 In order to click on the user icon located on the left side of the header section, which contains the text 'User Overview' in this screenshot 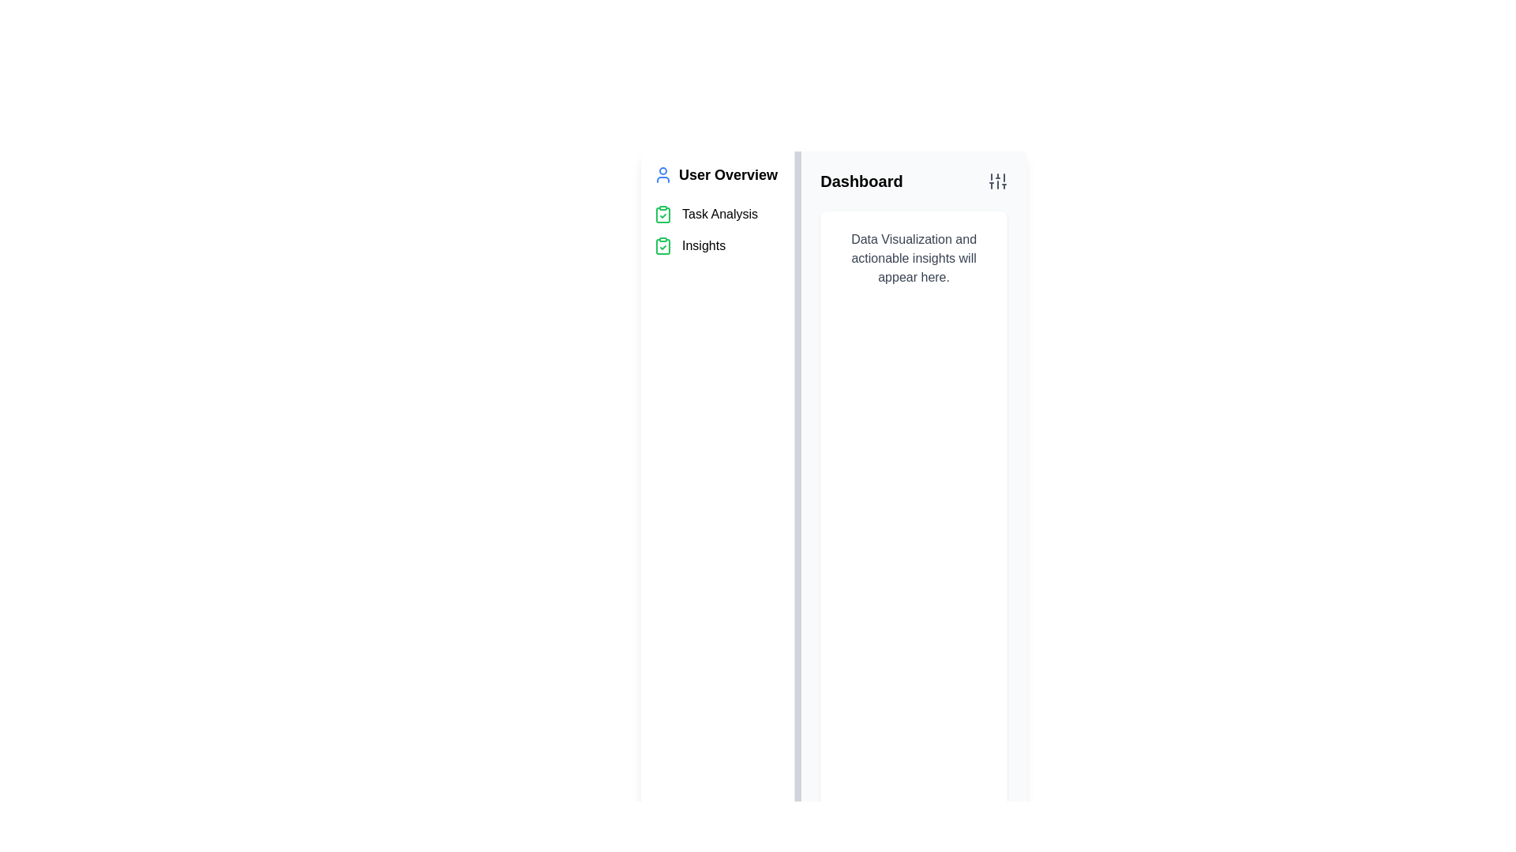, I will do `click(663, 175)`.